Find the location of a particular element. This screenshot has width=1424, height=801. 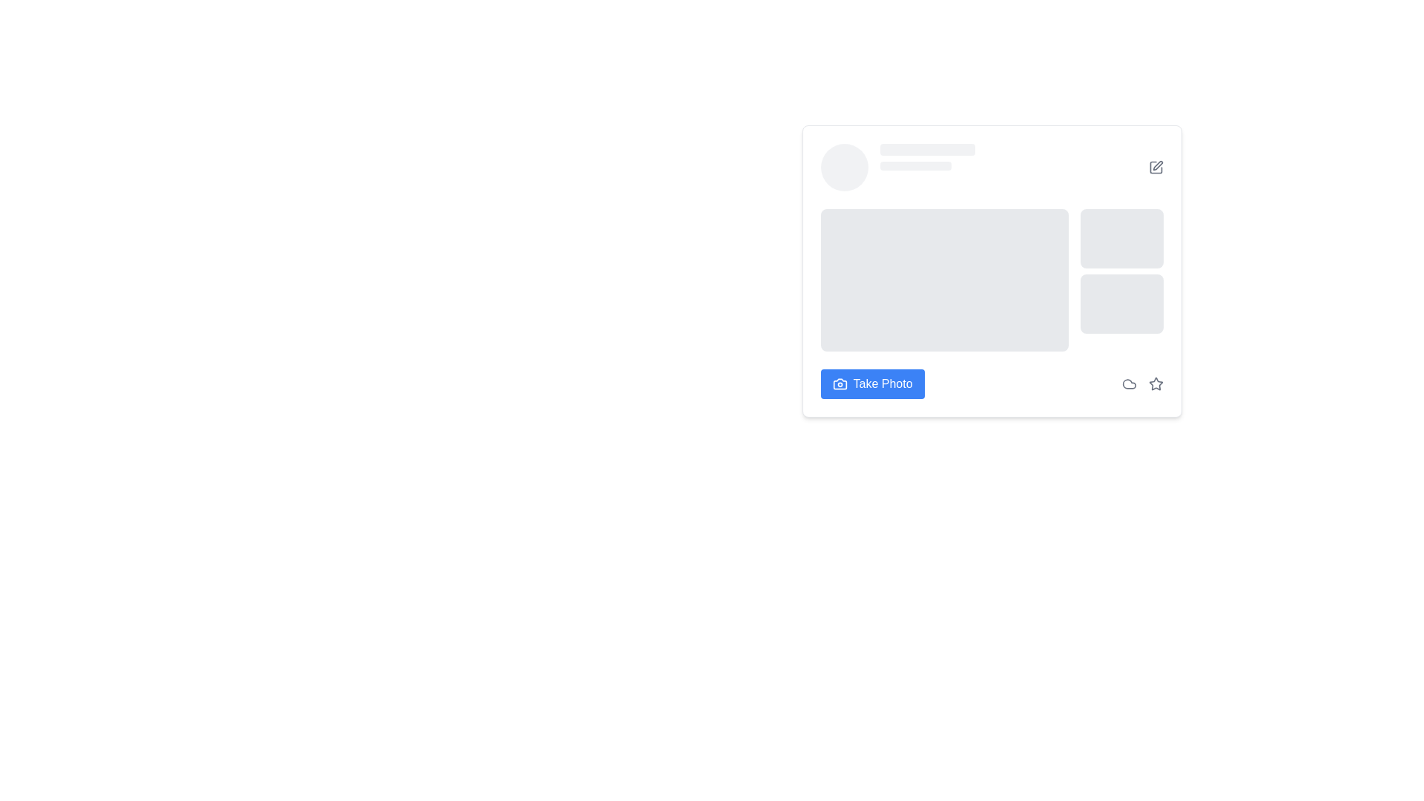

the cloud icon in the icon group located in the bottom right corner of the interface is located at coordinates (1141, 383).